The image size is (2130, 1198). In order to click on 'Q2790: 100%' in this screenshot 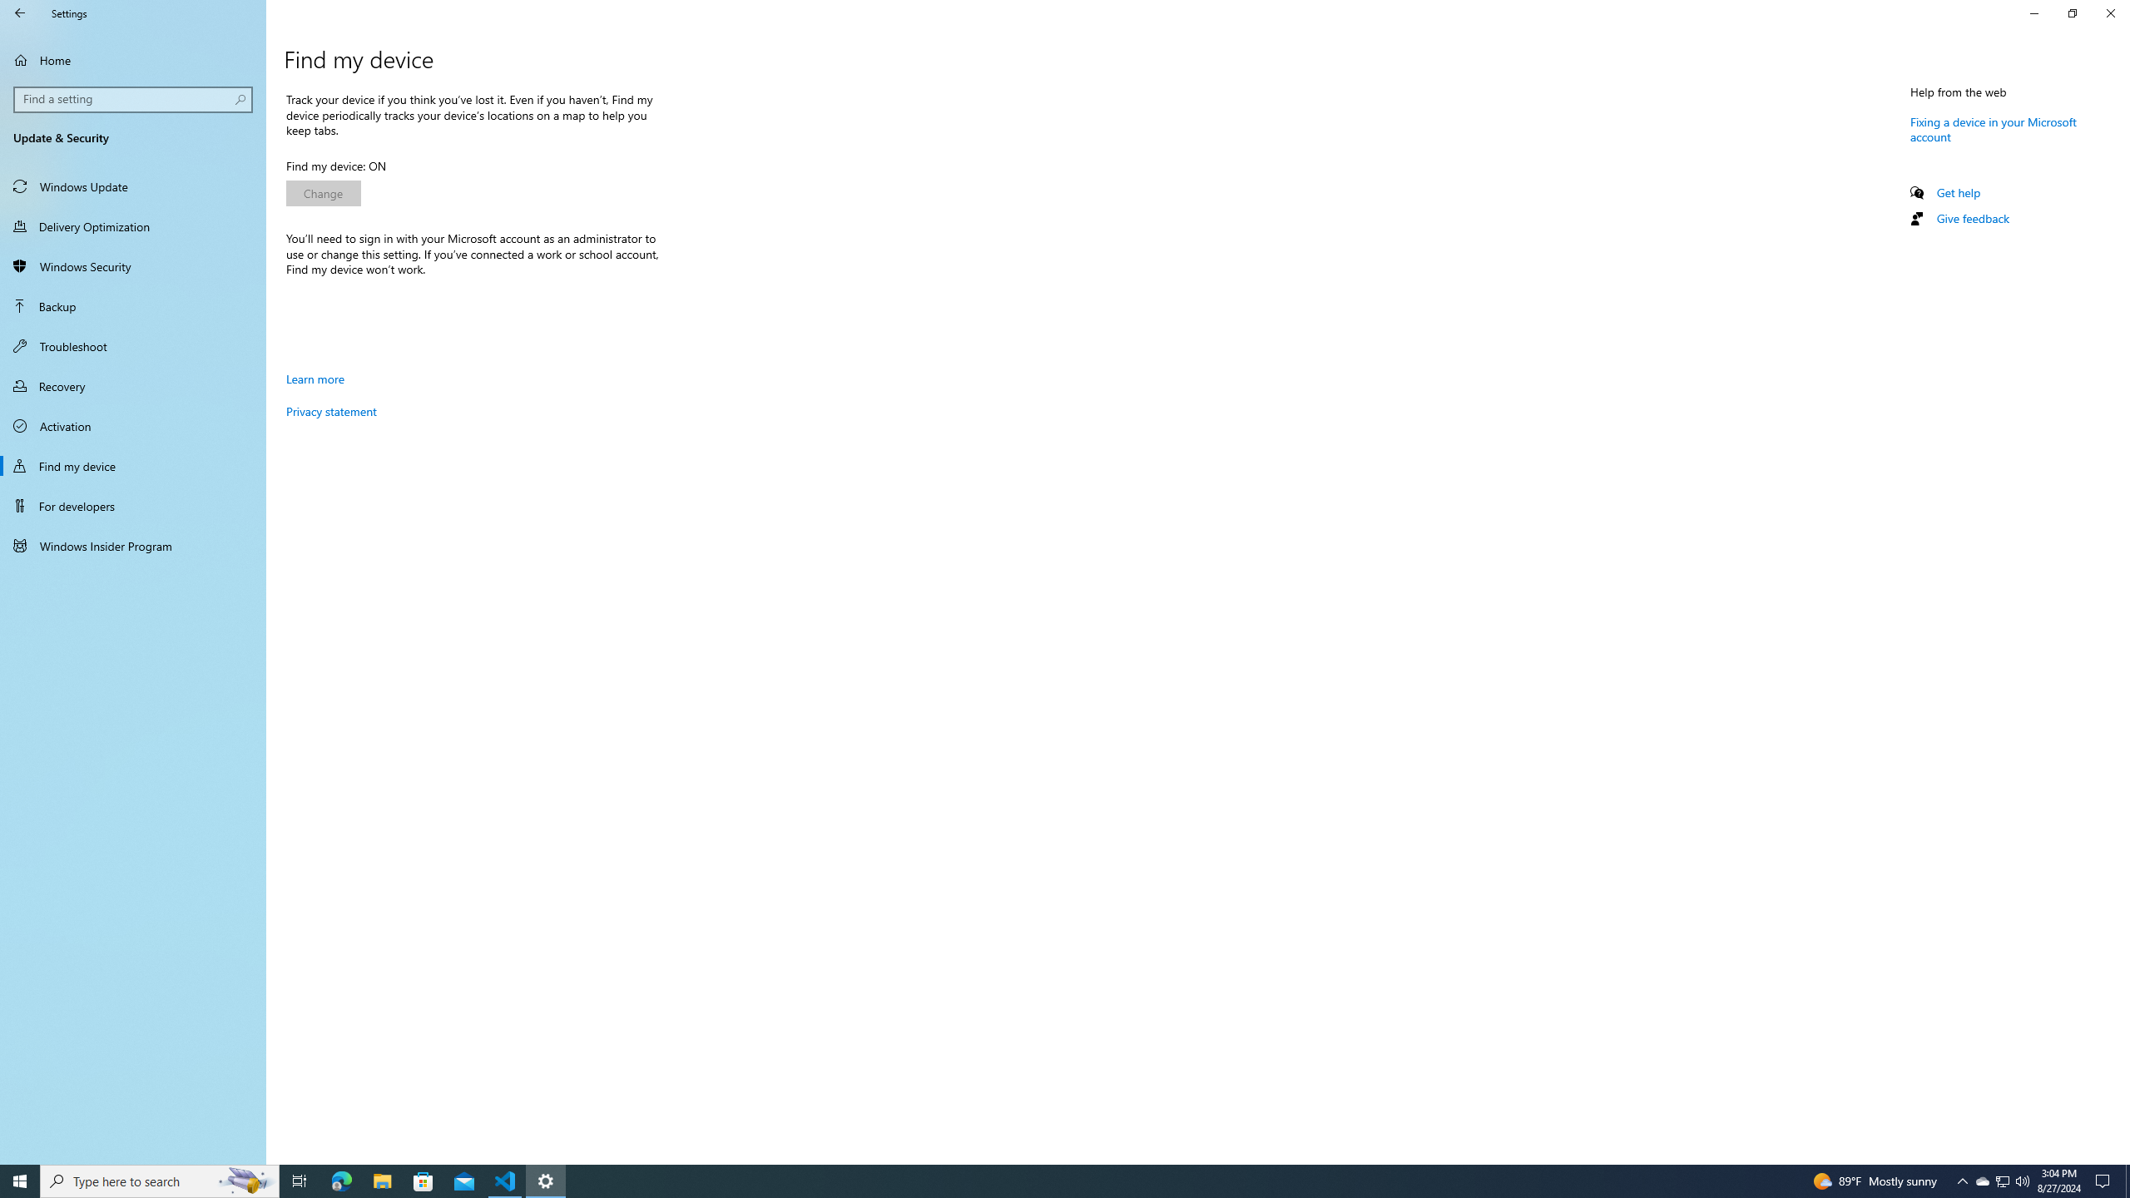, I will do `click(2021, 1180)`.